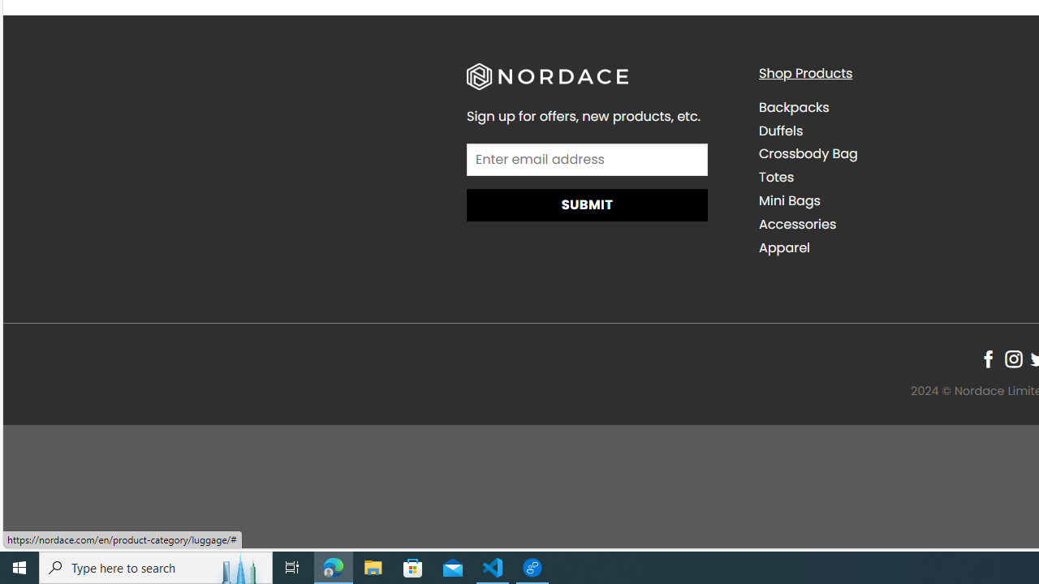  I want to click on 'AutomationID: input_4_1', so click(586, 159).